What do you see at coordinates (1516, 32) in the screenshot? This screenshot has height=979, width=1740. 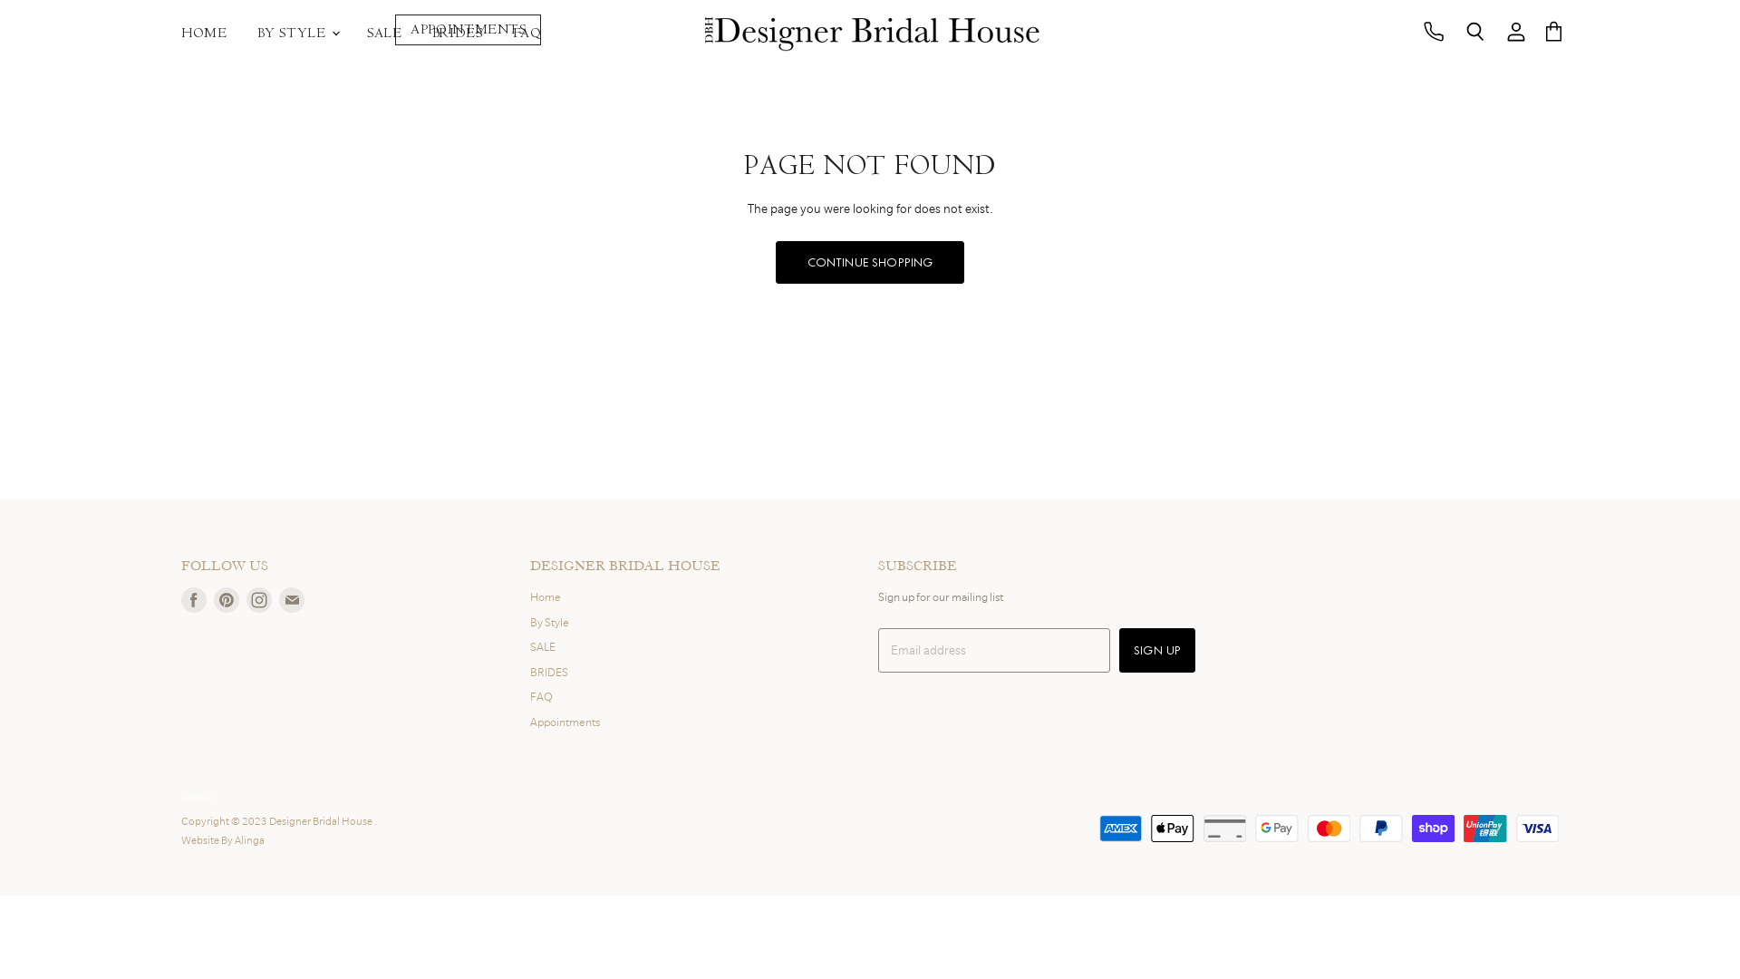 I see `'View account'` at bounding box center [1516, 32].